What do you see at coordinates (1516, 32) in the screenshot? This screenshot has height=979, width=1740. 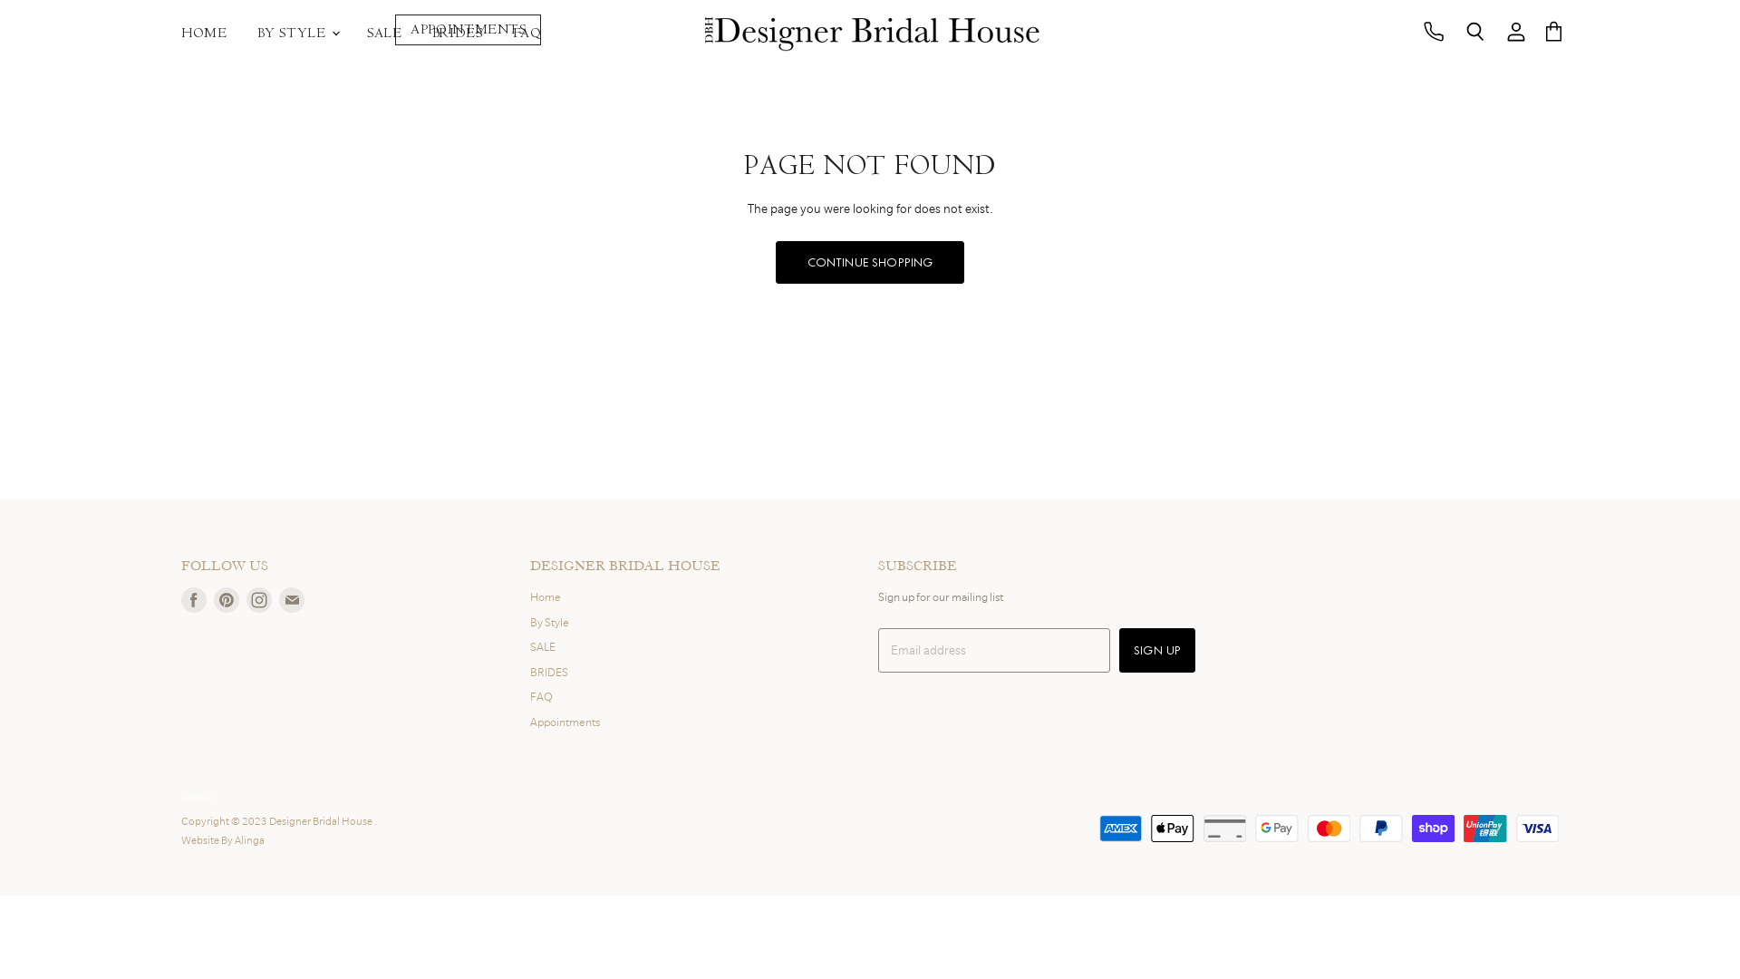 I see `'View account'` at bounding box center [1516, 32].